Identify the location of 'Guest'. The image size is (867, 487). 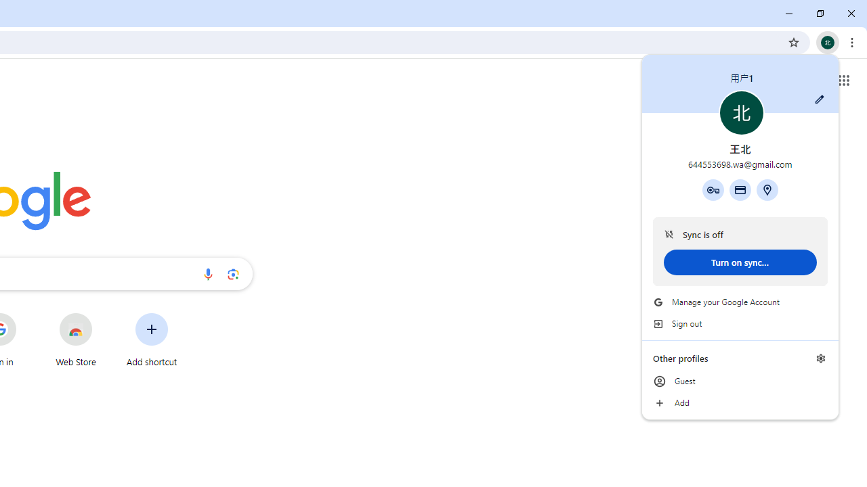
(740, 381).